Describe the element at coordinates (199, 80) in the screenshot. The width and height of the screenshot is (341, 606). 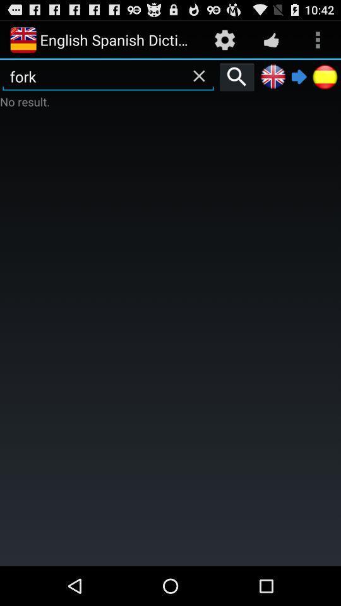
I see `the close icon` at that location.